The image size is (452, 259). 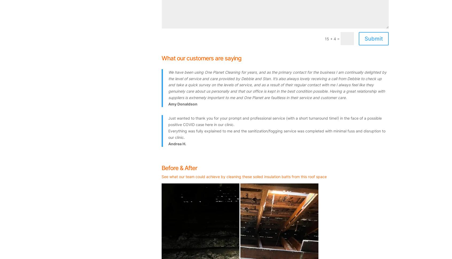 What do you see at coordinates (179, 168) in the screenshot?
I see `'Before & After'` at bounding box center [179, 168].